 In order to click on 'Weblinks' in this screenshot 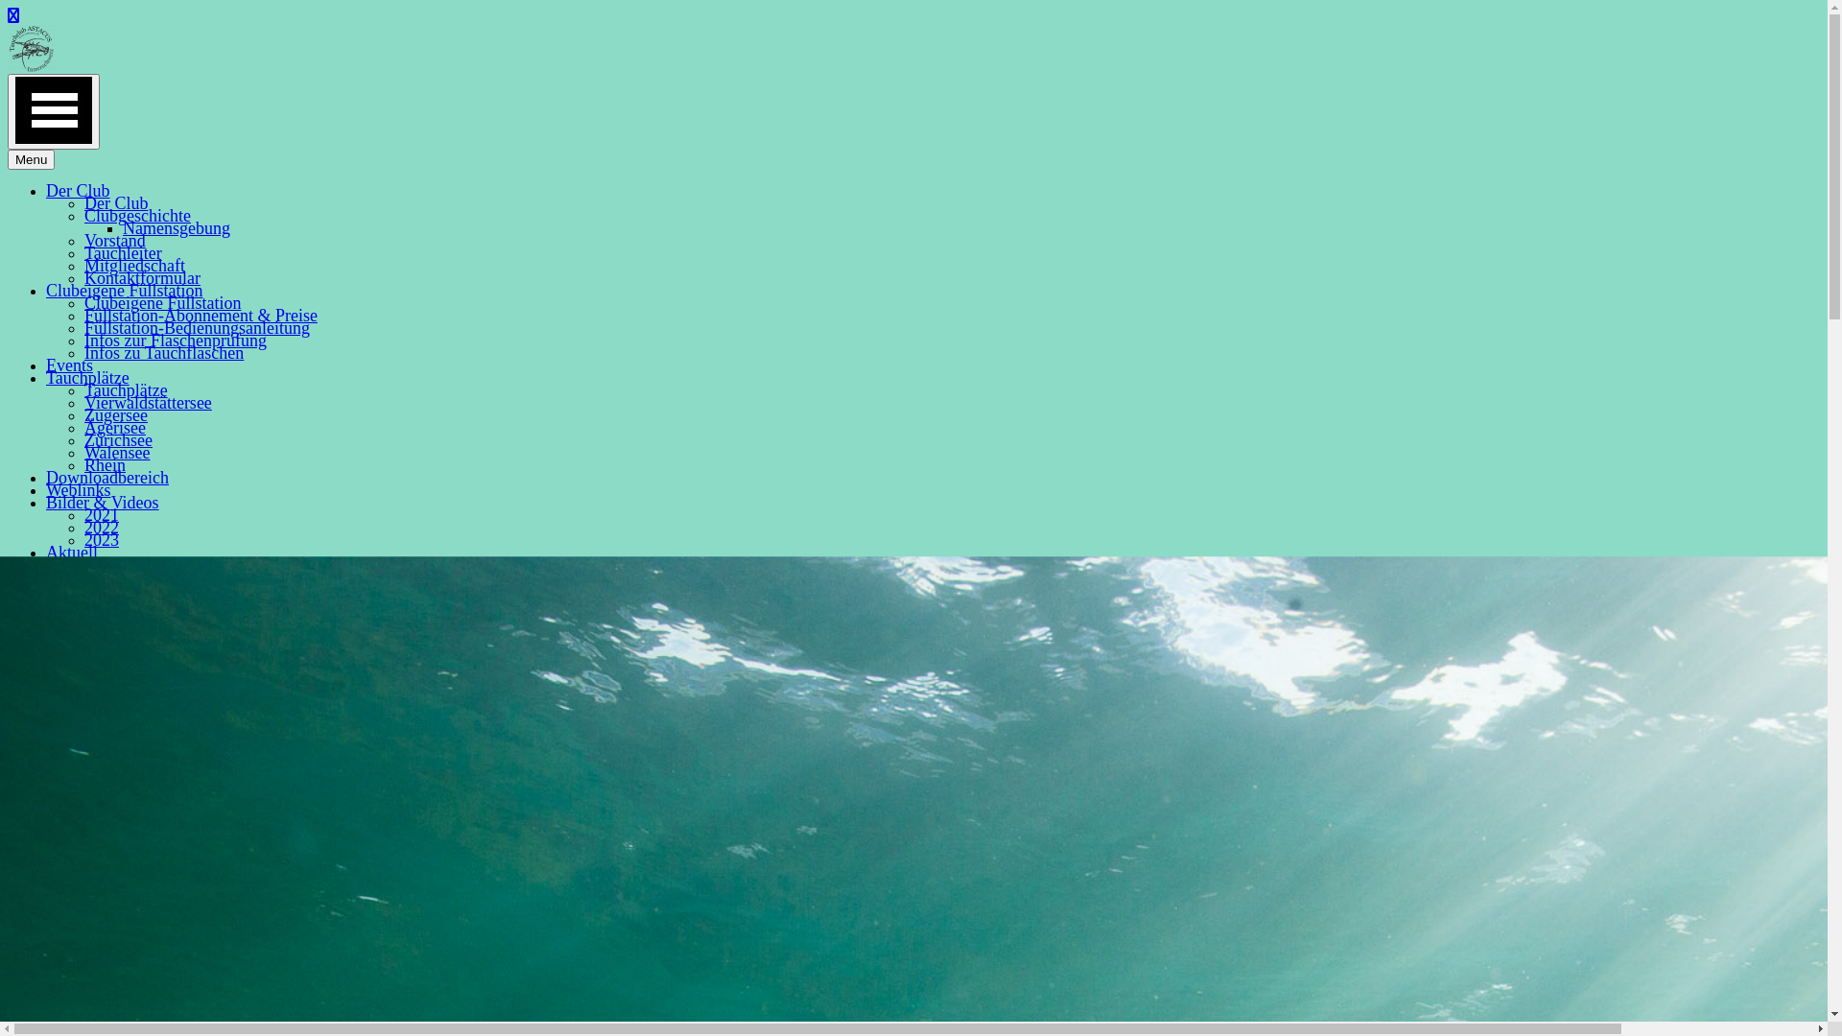, I will do `click(77, 488)`.